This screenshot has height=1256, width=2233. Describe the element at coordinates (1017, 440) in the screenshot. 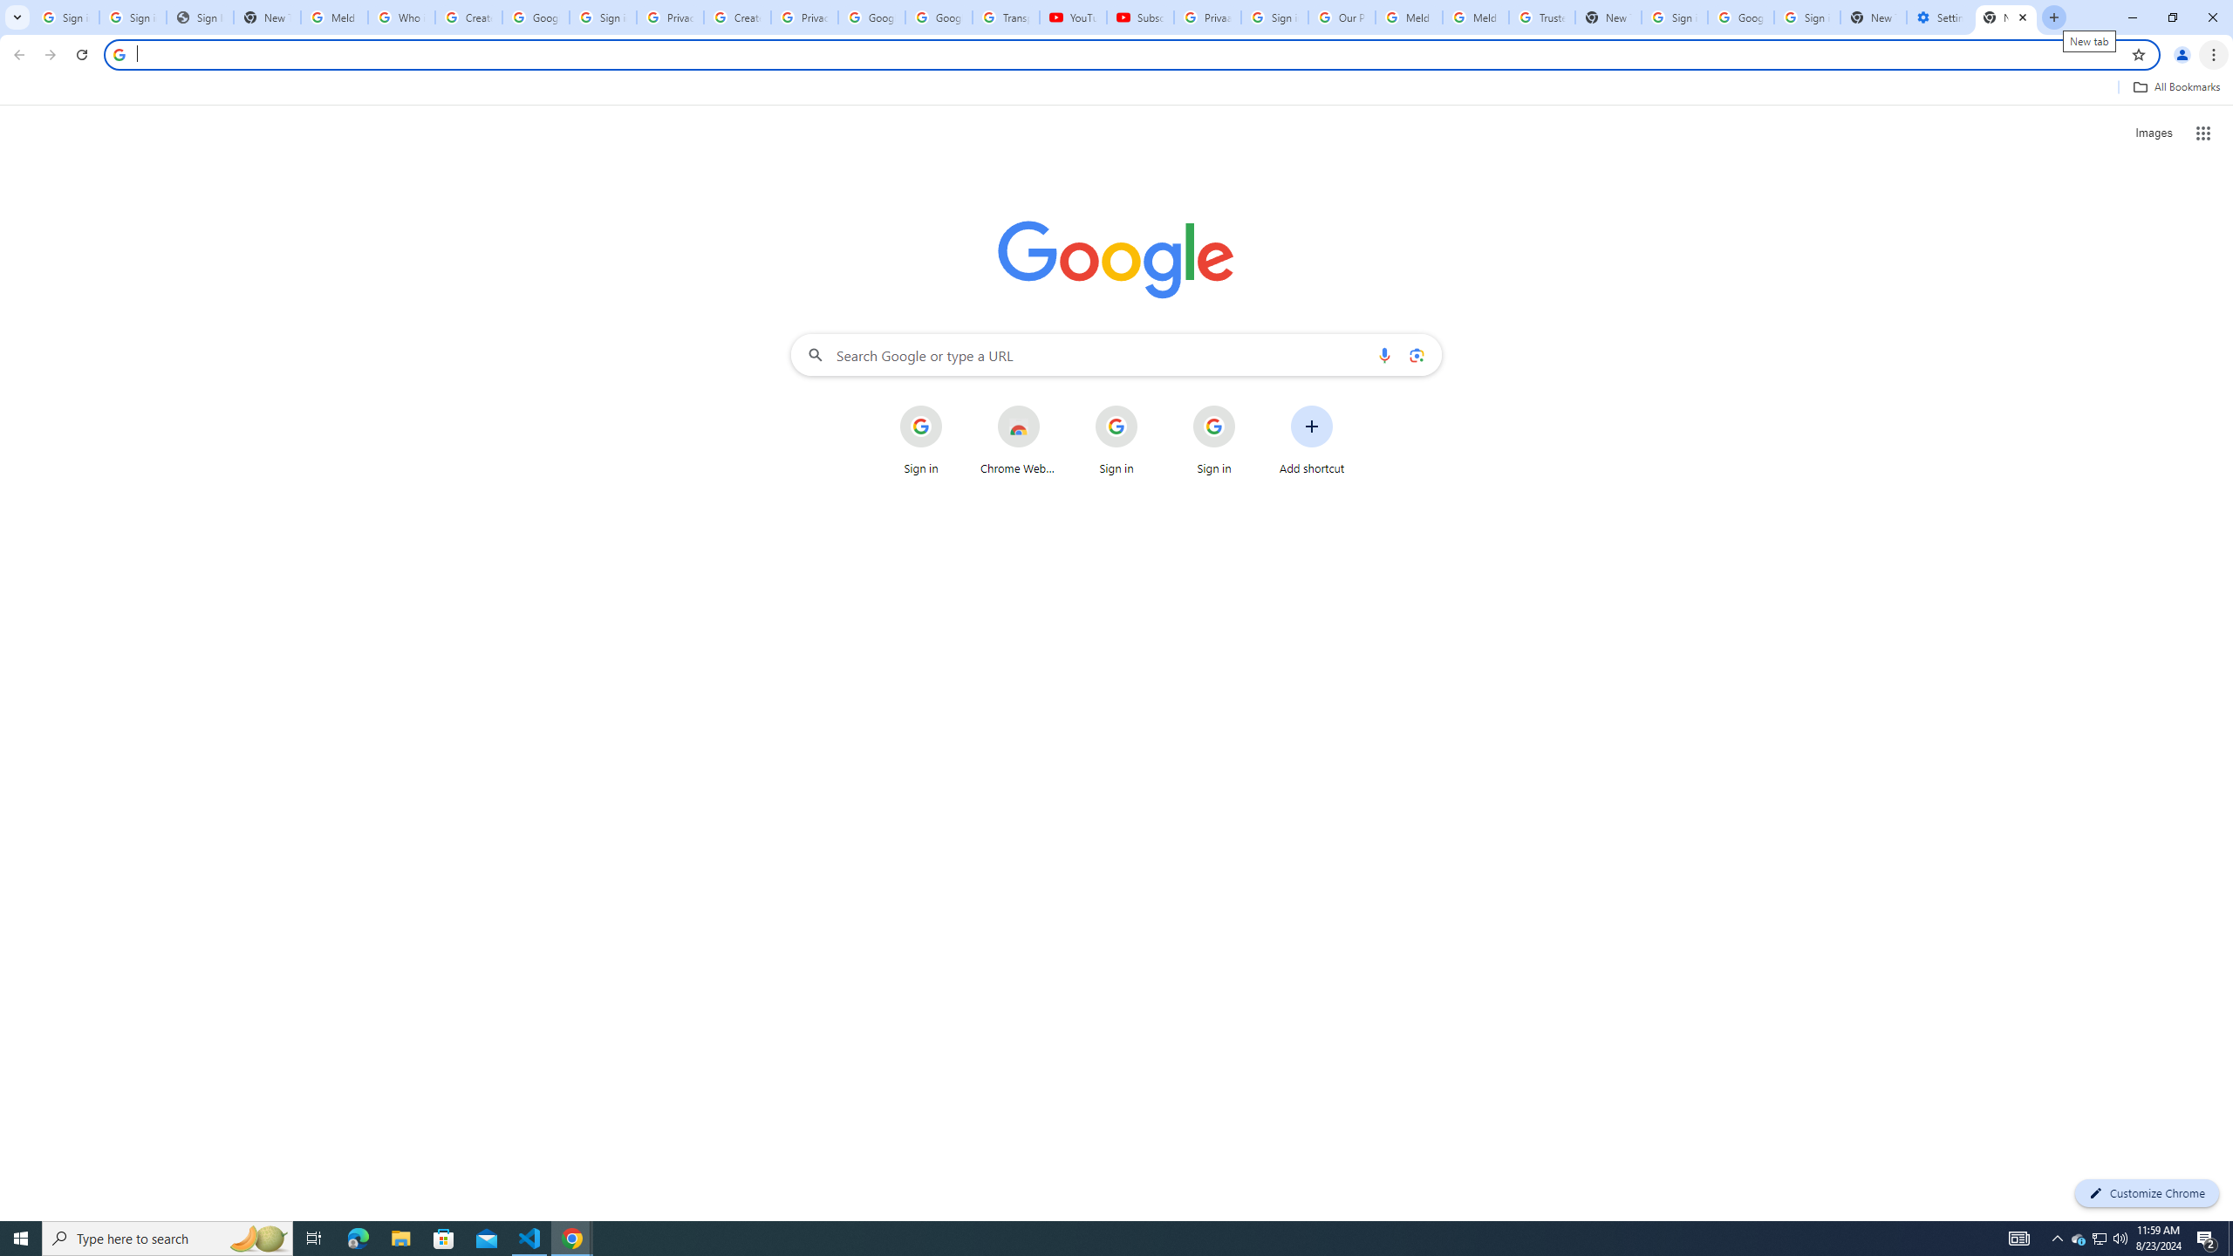

I see `'Chrome Web Store'` at that location.